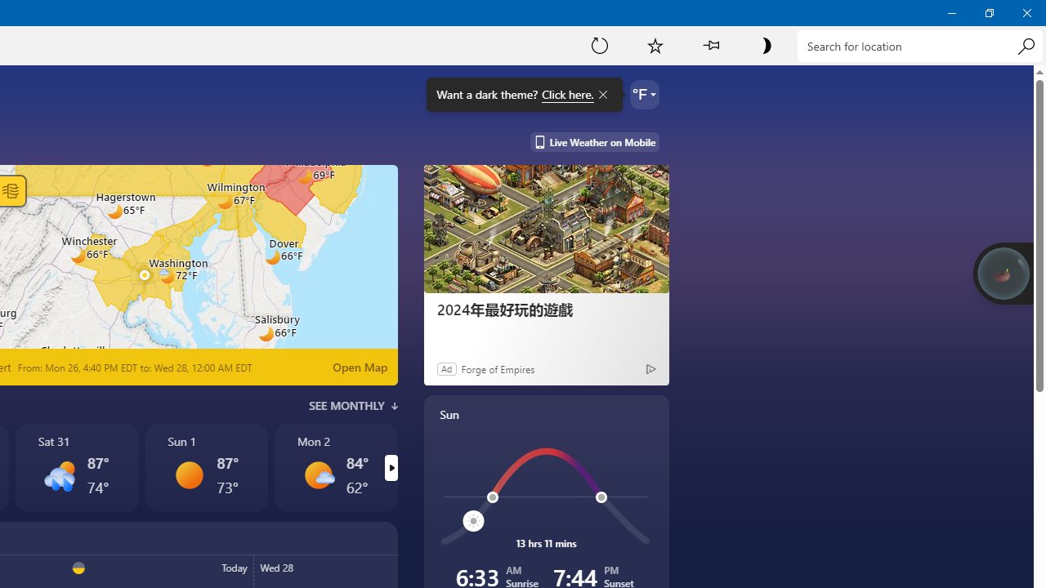 The width and height of the screenshot is (1046, 588). Describe the element at coordinates (765, 44) in the screenshot. I see `'Turn on dark theme'` at that location.